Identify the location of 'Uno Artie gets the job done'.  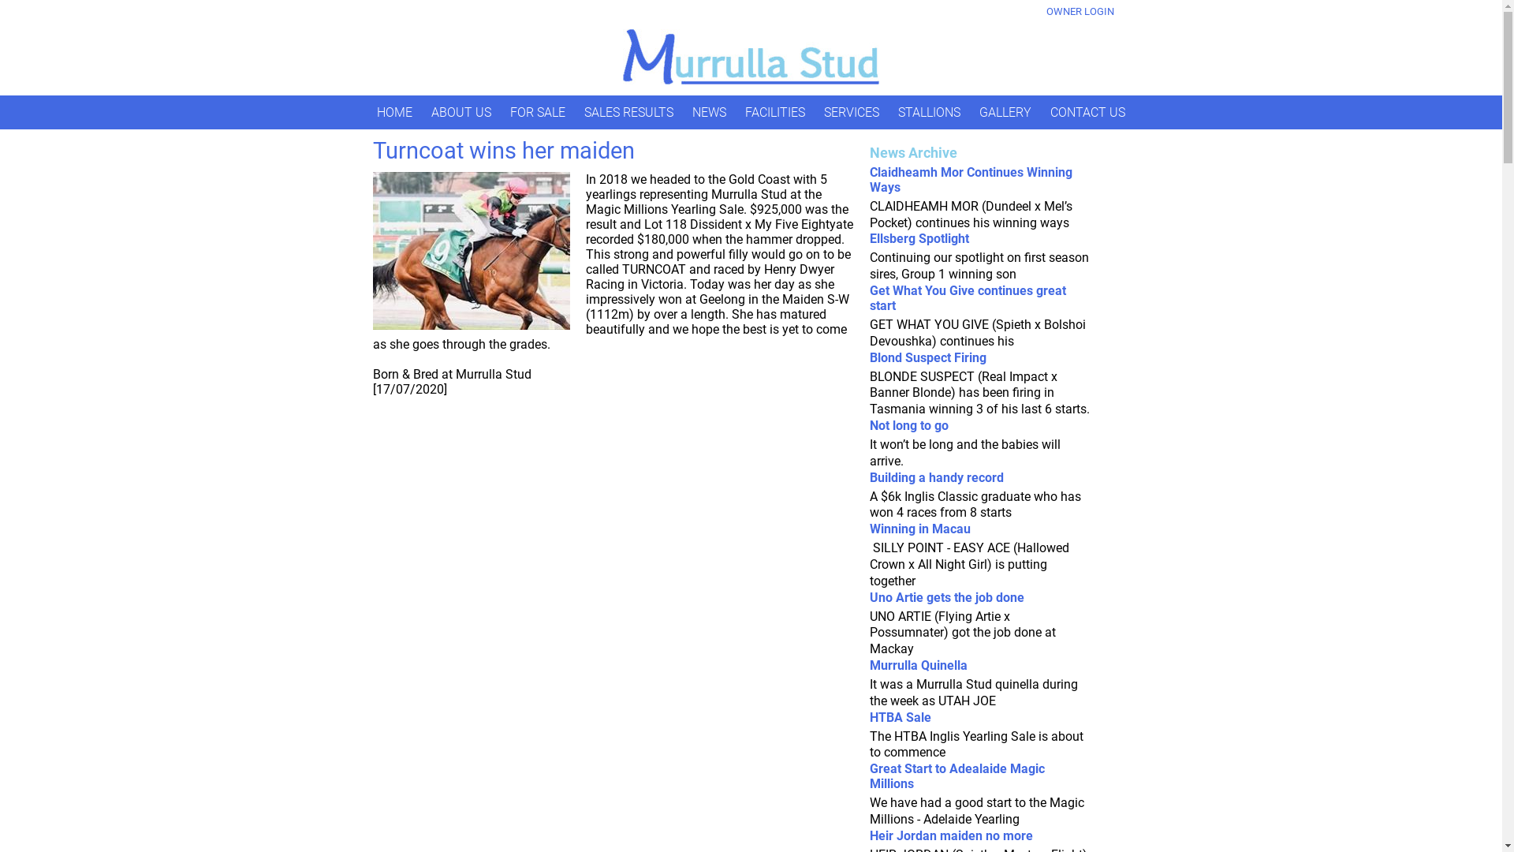
(946, 597).